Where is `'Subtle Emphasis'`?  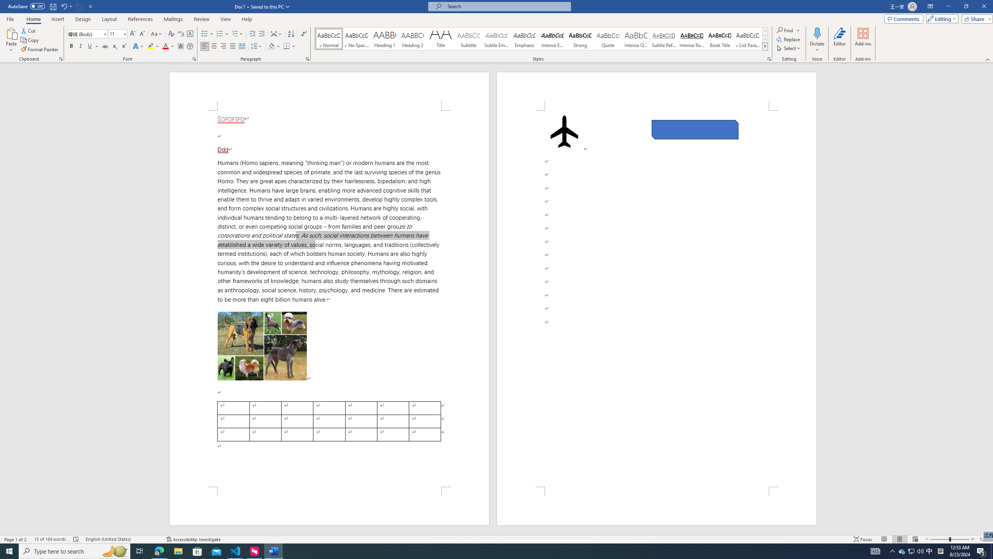
'Subtle Emphasis' is located at coordinates (496, 38).